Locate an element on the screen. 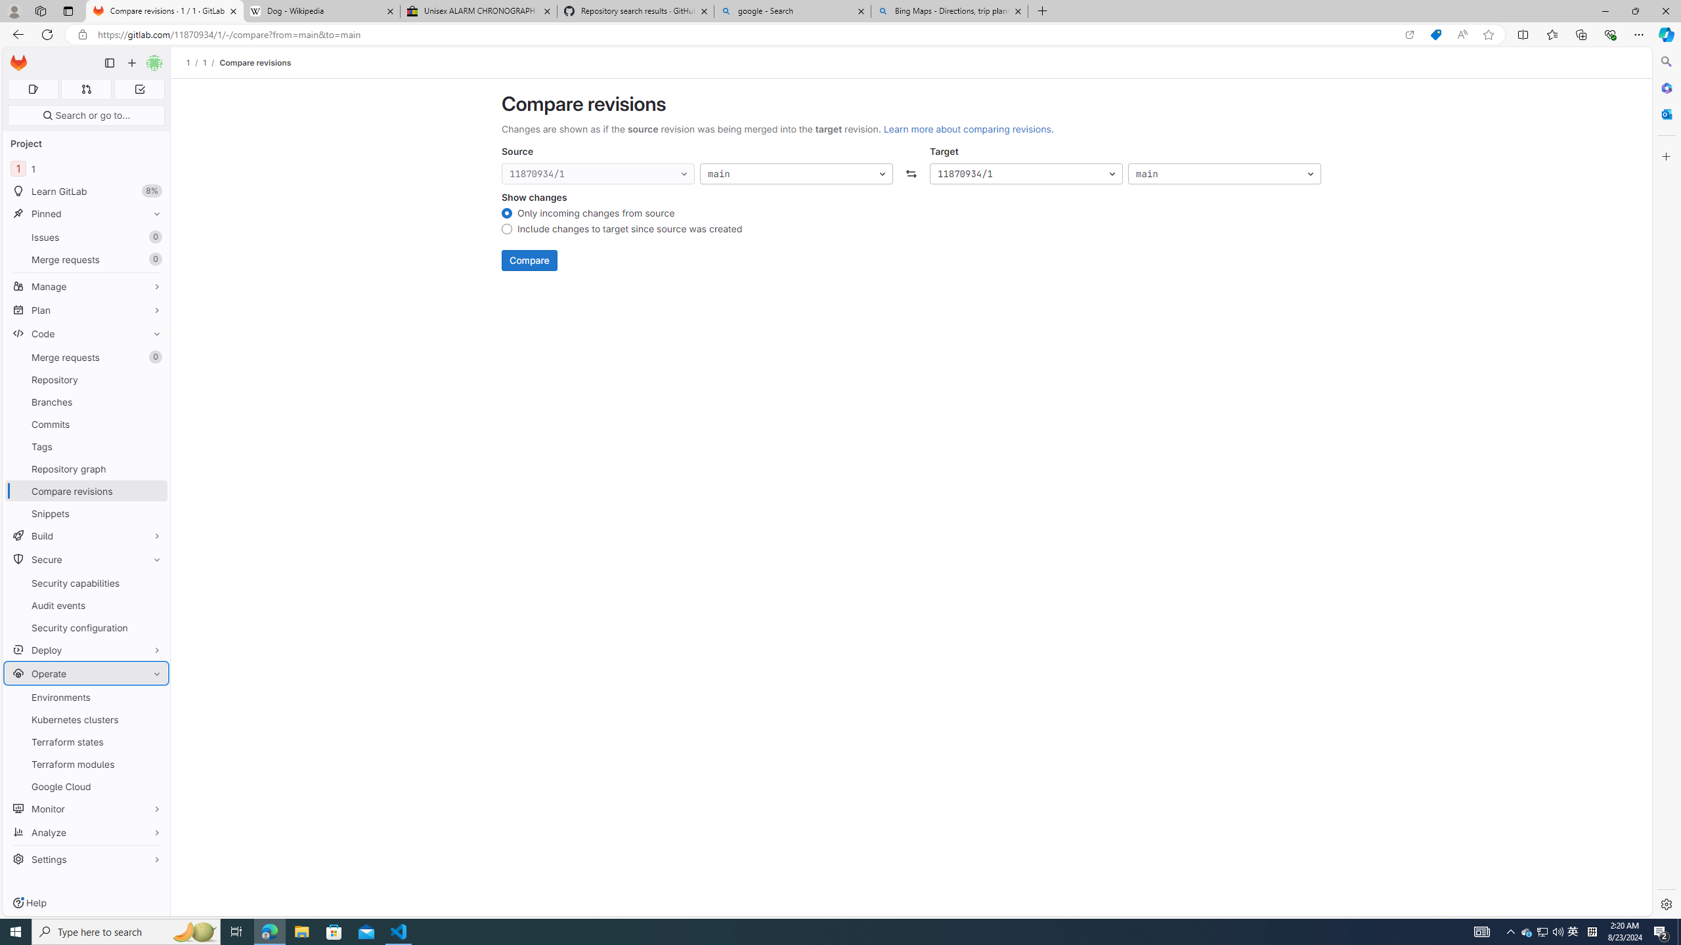  'Merge requests 0' is located at coordinates (85, 357).